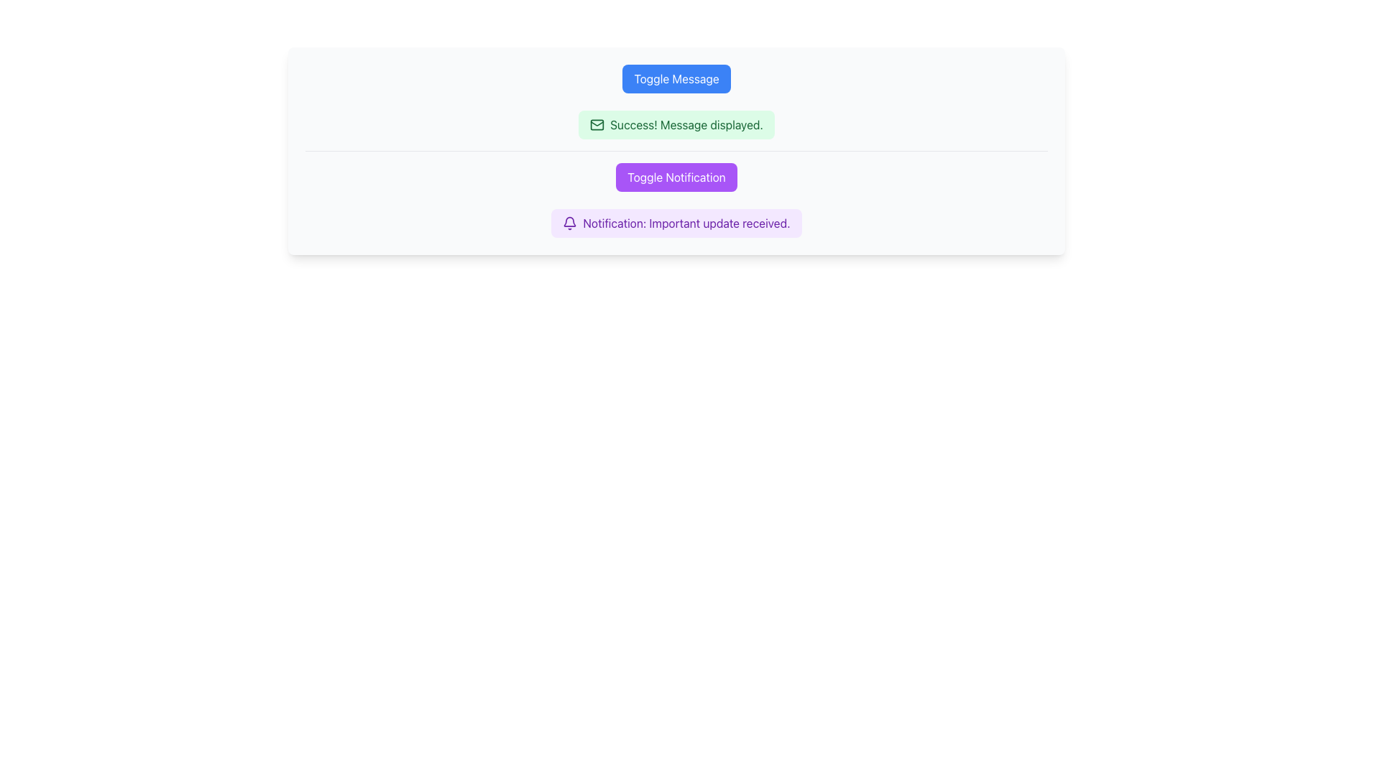 The width and height of the screenshot is (1380, 776). Describe the element at coordinates (676, 79) in the screenshot. I see `the blue button labeled 'Toggle Message'` at that location.